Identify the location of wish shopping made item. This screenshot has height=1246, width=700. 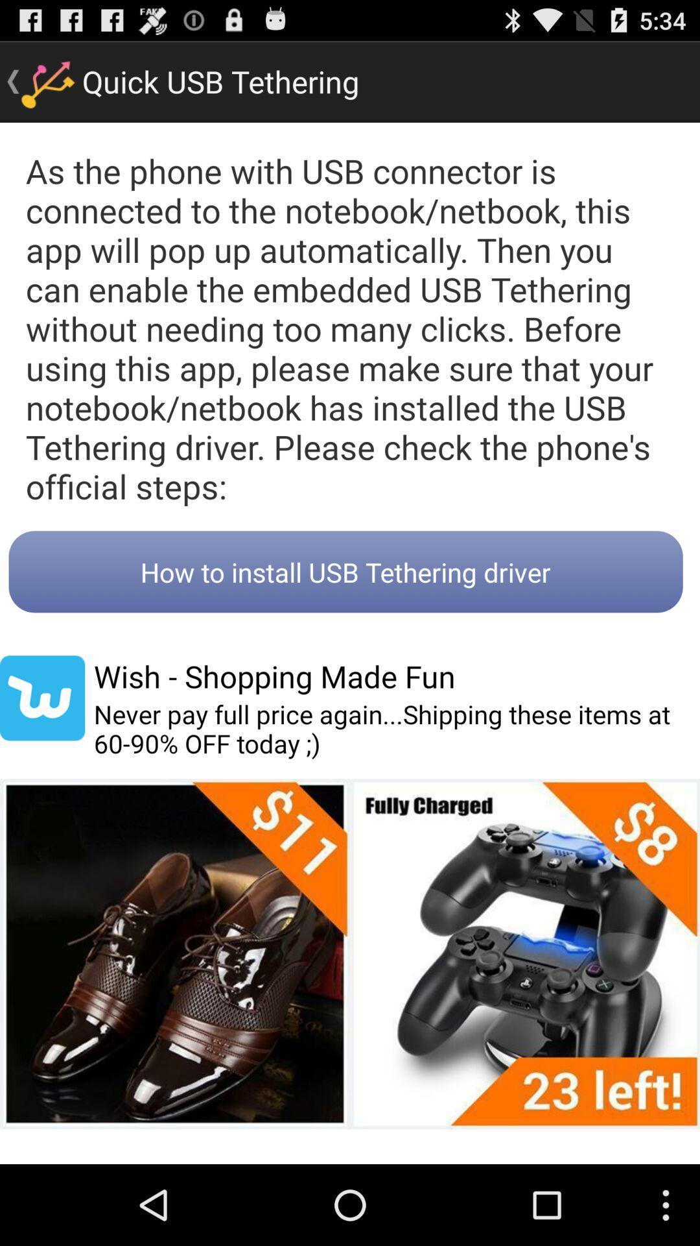
(274, 676).